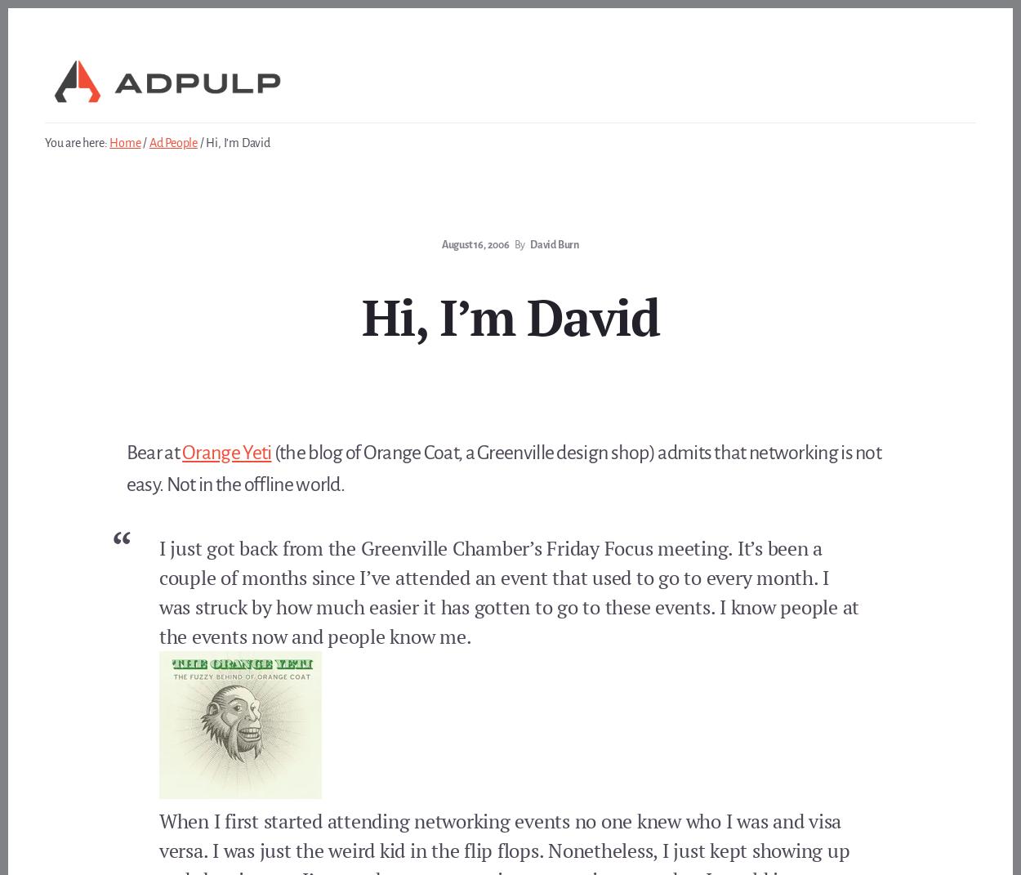 The width and height of the screenshot is (1021, 875). I want to click on 'I just got back from the Greenville Chamber’s Friday Focus meeting. It’s been a couple of months since I’ve attended an event that used to go to every month. I was struck by how much easier it has gotten to go to these events. I know people at the events now and people know me.', so click(508, 592).